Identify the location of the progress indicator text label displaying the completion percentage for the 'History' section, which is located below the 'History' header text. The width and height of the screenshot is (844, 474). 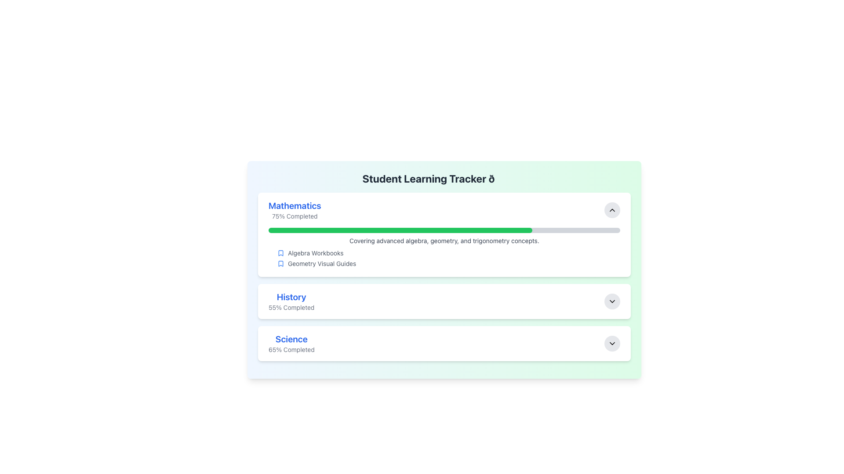
(291, 307).